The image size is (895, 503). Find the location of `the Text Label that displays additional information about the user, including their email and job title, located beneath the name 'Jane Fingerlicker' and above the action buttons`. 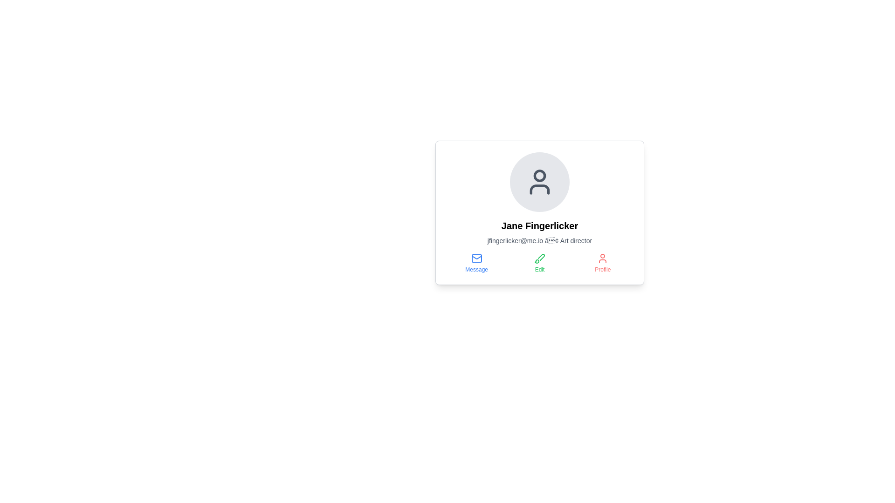

the Text Label that displays additional information about the user, including their email and job title, located beneath the name 'Jane Fingerlicker' and above the action buttons is located at coordinates (539, 240).